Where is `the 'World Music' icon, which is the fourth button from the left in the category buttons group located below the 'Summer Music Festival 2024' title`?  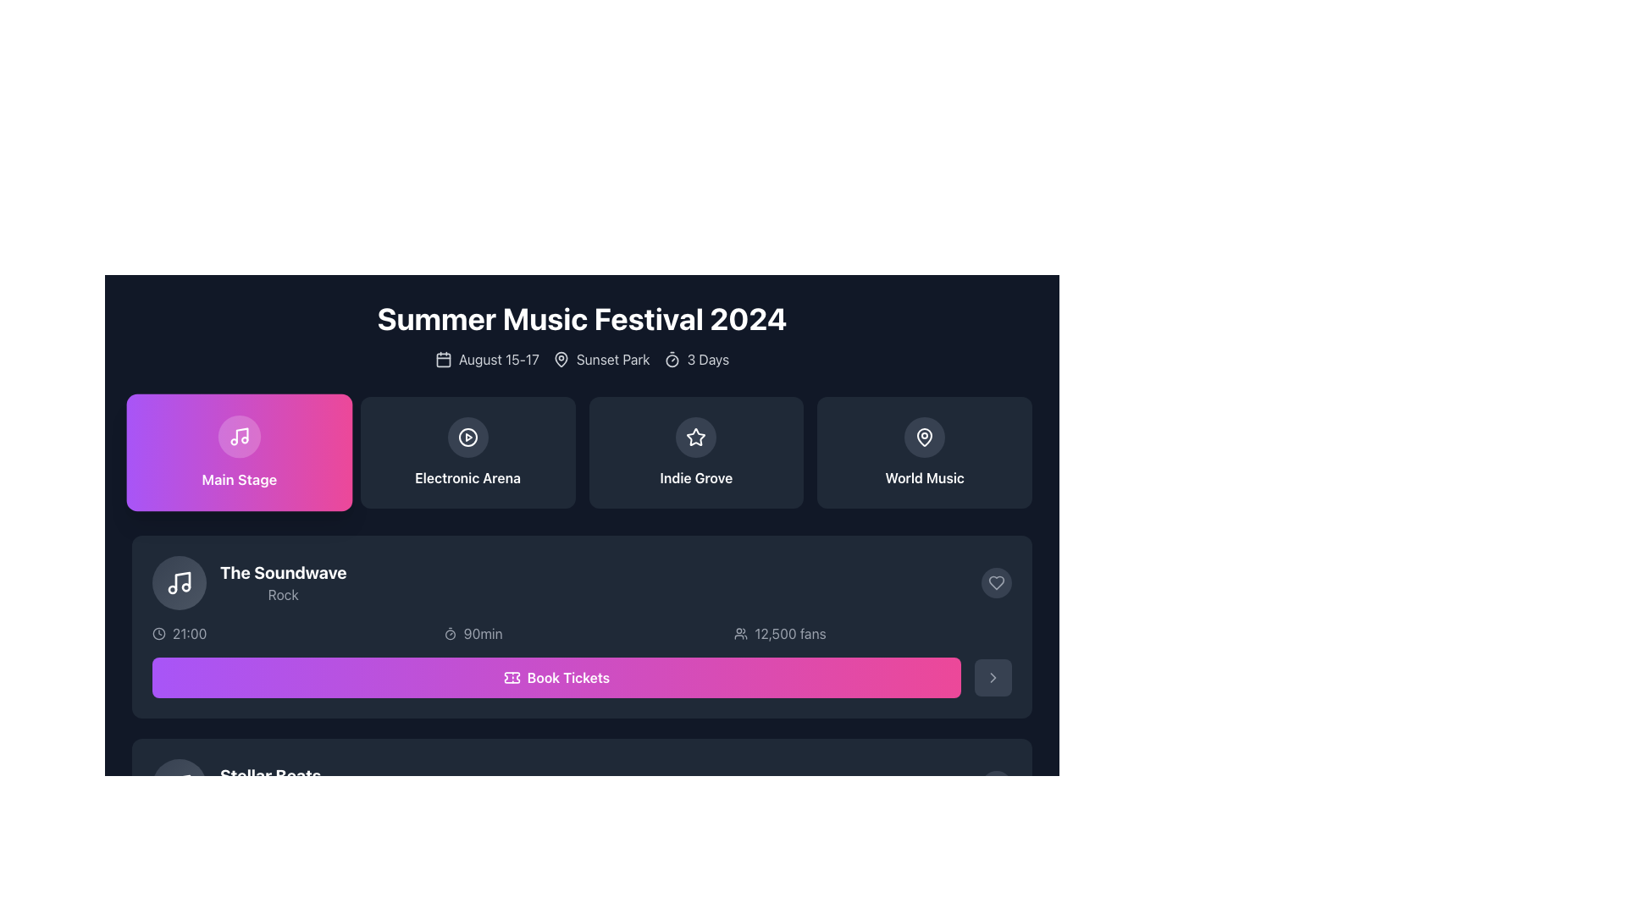
the 'World Music' icon, which is the fourth button from the left in the category buttons group located below the 'Summer Music Festival 2024' title is located at coordinates (924, 436).